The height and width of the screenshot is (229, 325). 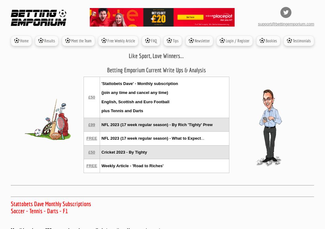 What do you see at coordinates (301, 40) in the screenshot?
I see `'Testimonials'` at bounding box center [301, 40].